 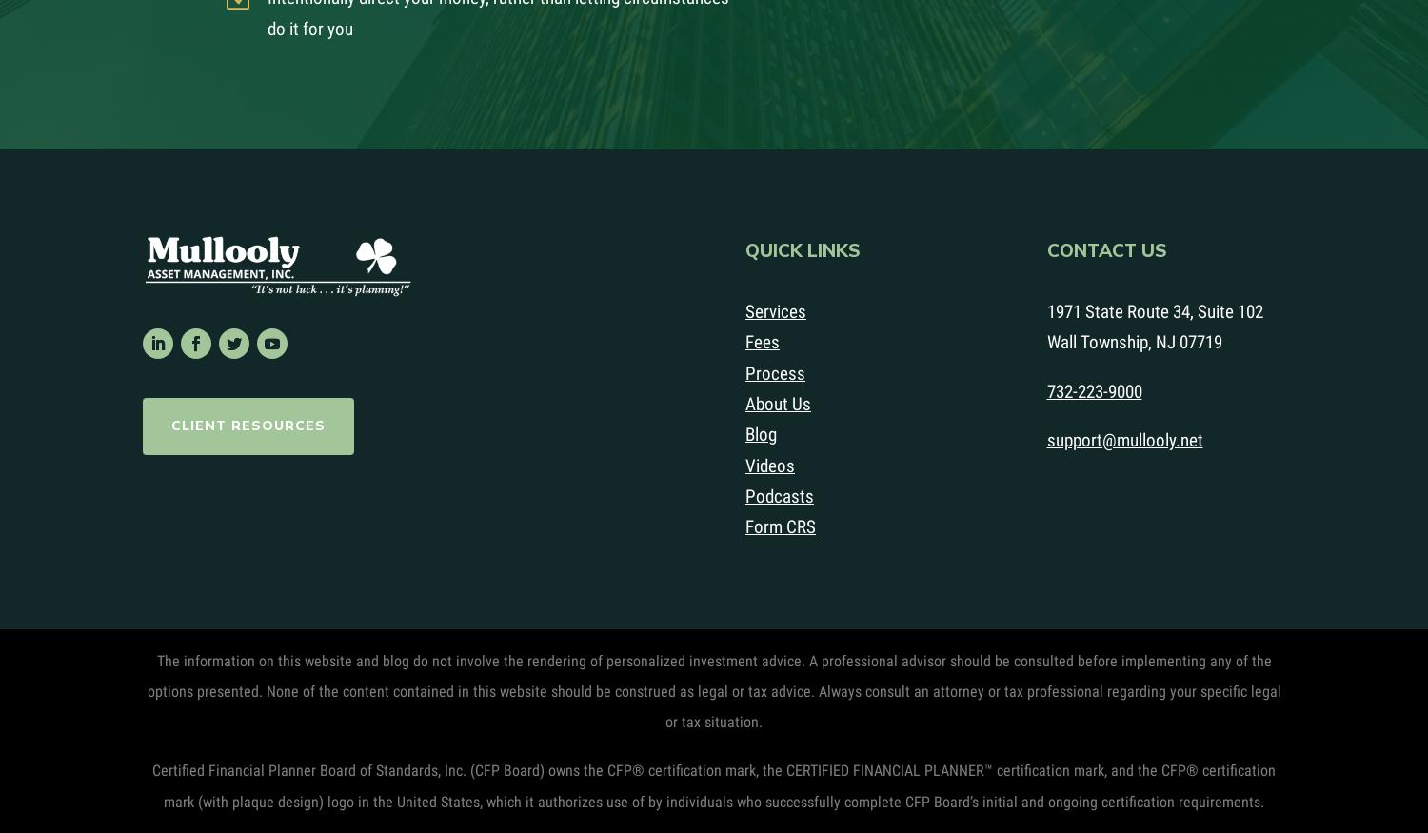 I want to click on 'The information on this website and blog do not involve the rendering of personalized investment advice. A professional advisor should be consulted before implementing any of the options presented. None of the content contained in this website should be construed as legal or tax advice. Always consult an attorney or tax professional regarding your specific legal or tax situation.', so click(x=712, y=690).